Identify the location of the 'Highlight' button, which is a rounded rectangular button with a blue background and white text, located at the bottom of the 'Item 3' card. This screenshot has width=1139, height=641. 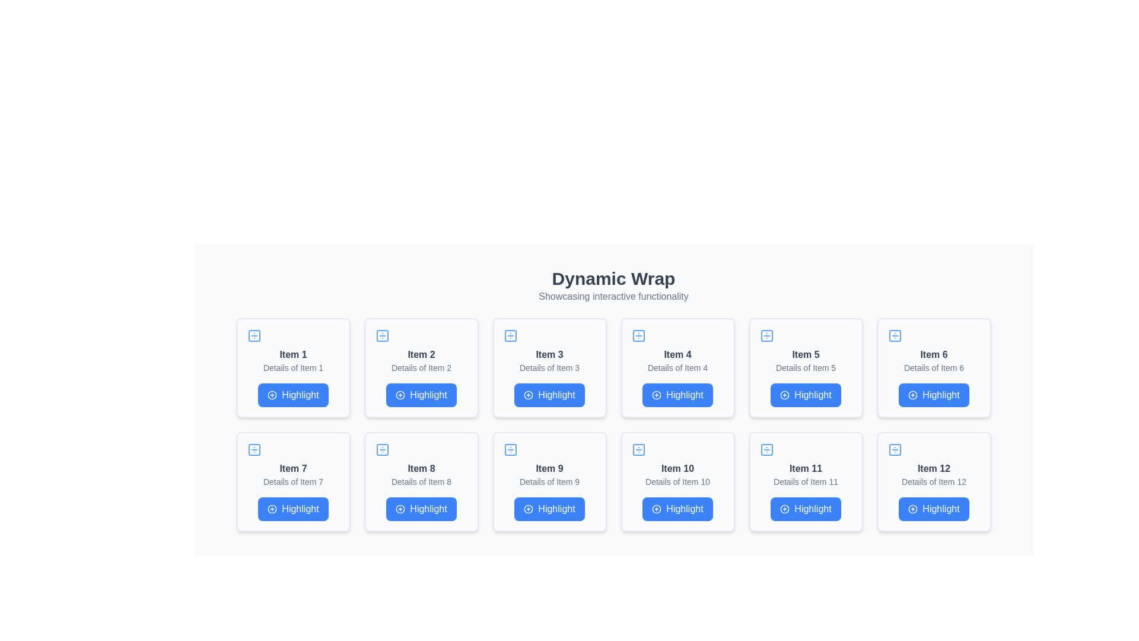
(549, 395).